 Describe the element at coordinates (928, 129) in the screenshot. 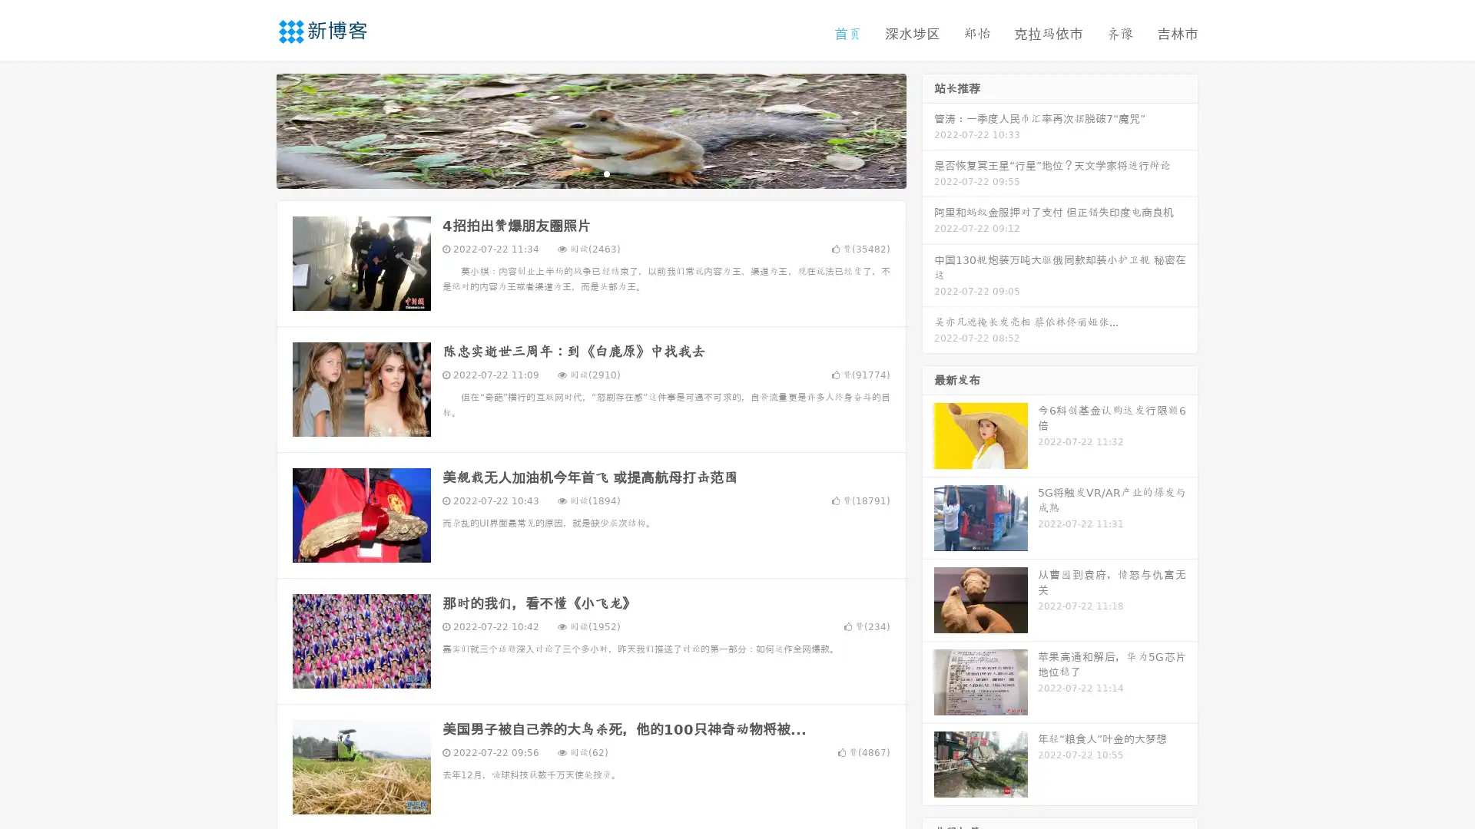

I see `Next slide` at that location.